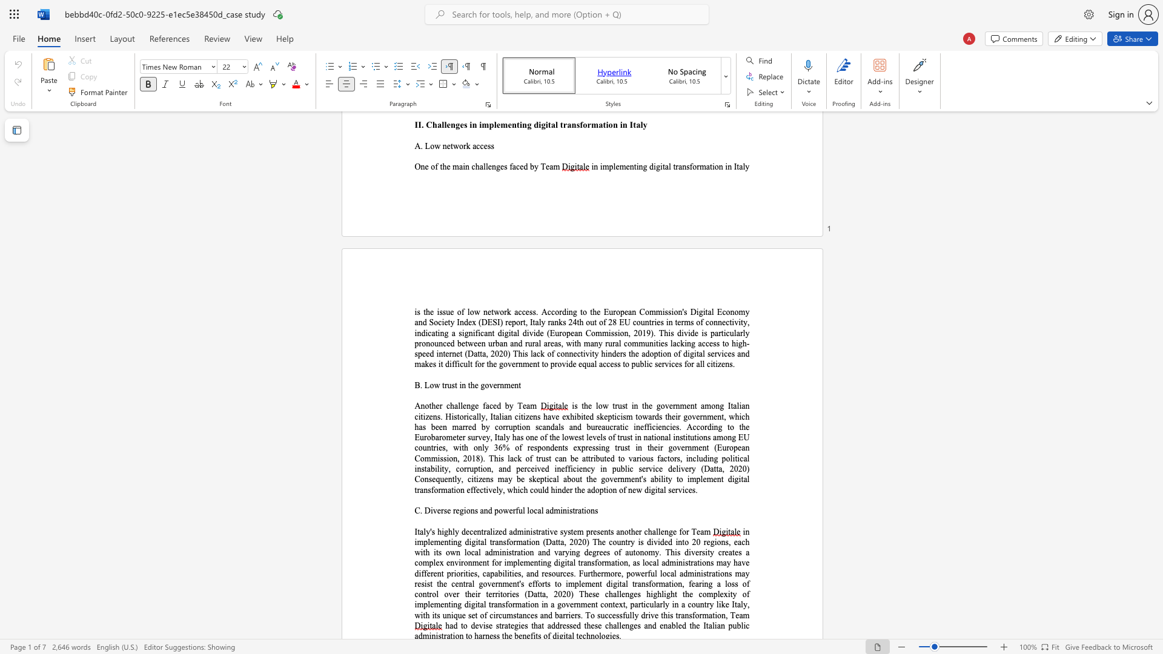 The width and height of the screenshot is (1163, 654). I want to click on the subset text "t in the government among Ital" within the text "is the low trust in the government among Italian citizens. Historically, Italian citizens have", so click(625, 406).